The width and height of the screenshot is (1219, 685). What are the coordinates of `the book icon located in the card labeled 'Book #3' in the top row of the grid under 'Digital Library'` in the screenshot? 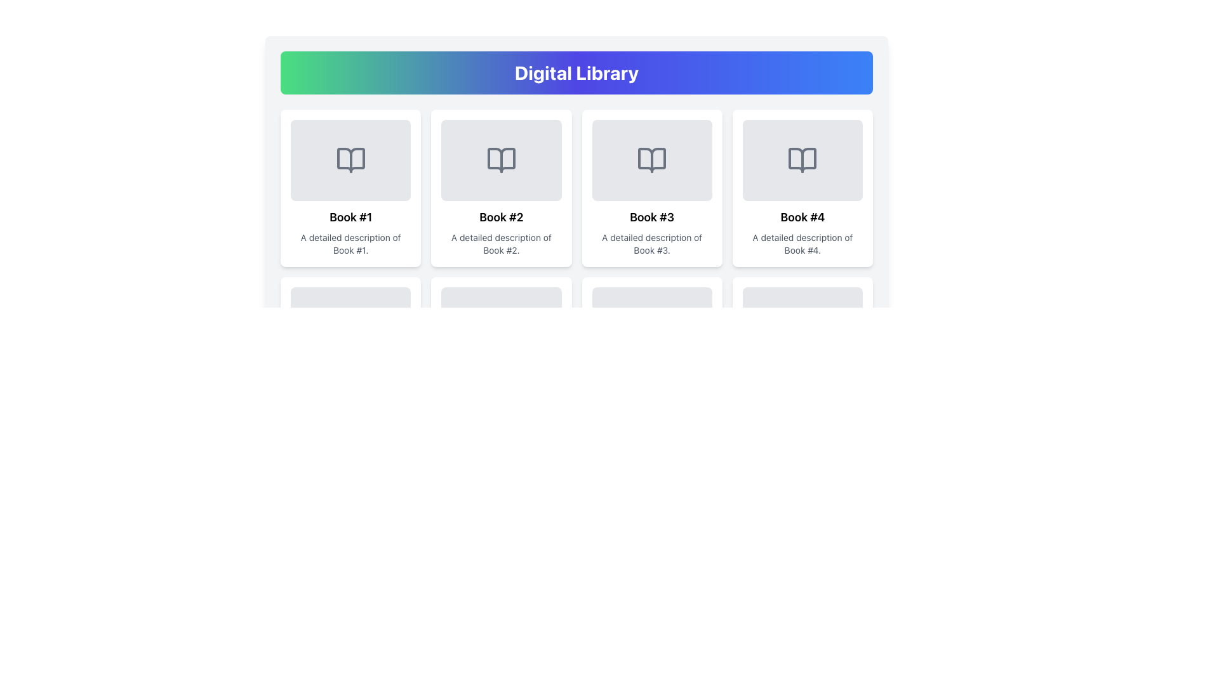 It's located at (652, 160).